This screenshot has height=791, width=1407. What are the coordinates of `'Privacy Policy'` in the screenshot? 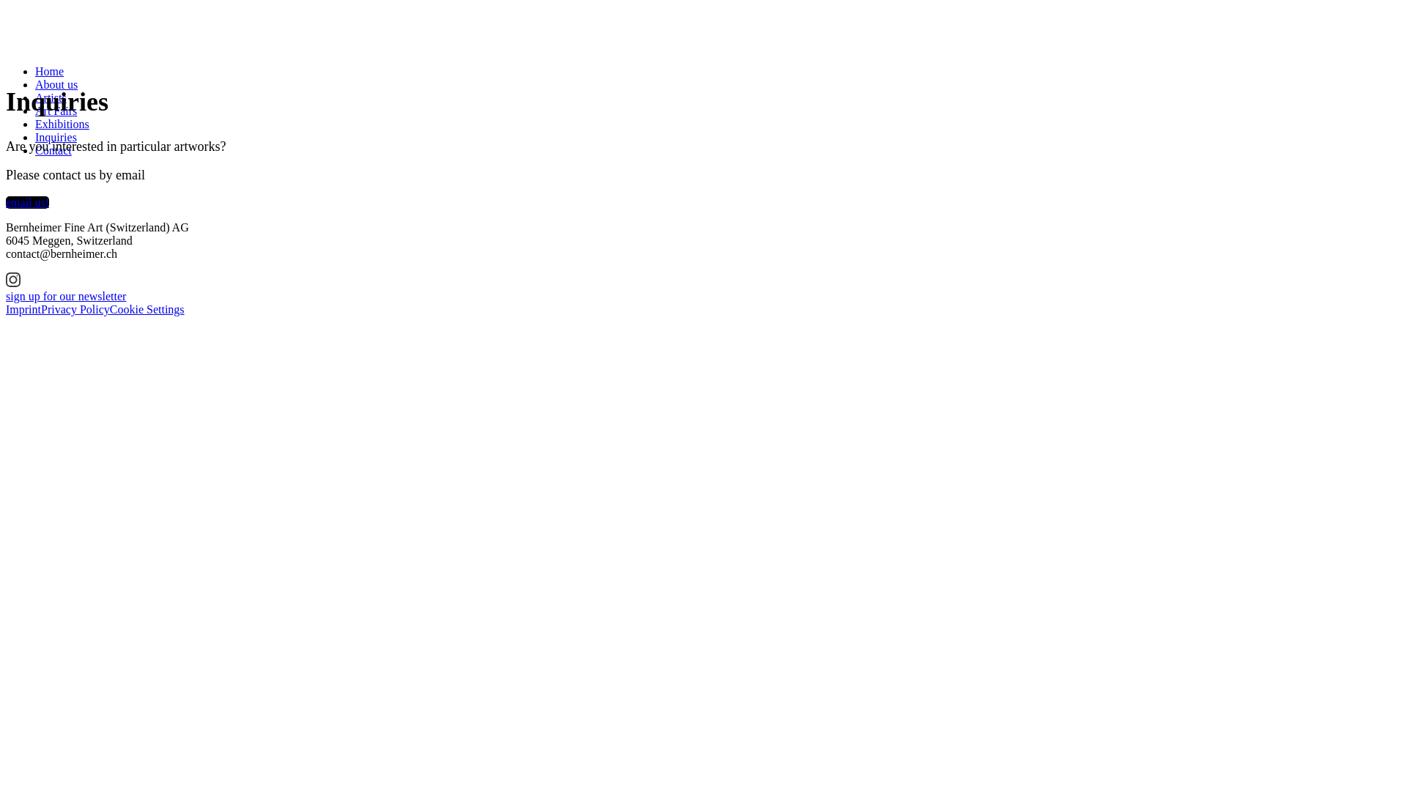 It's located at (74, 308).